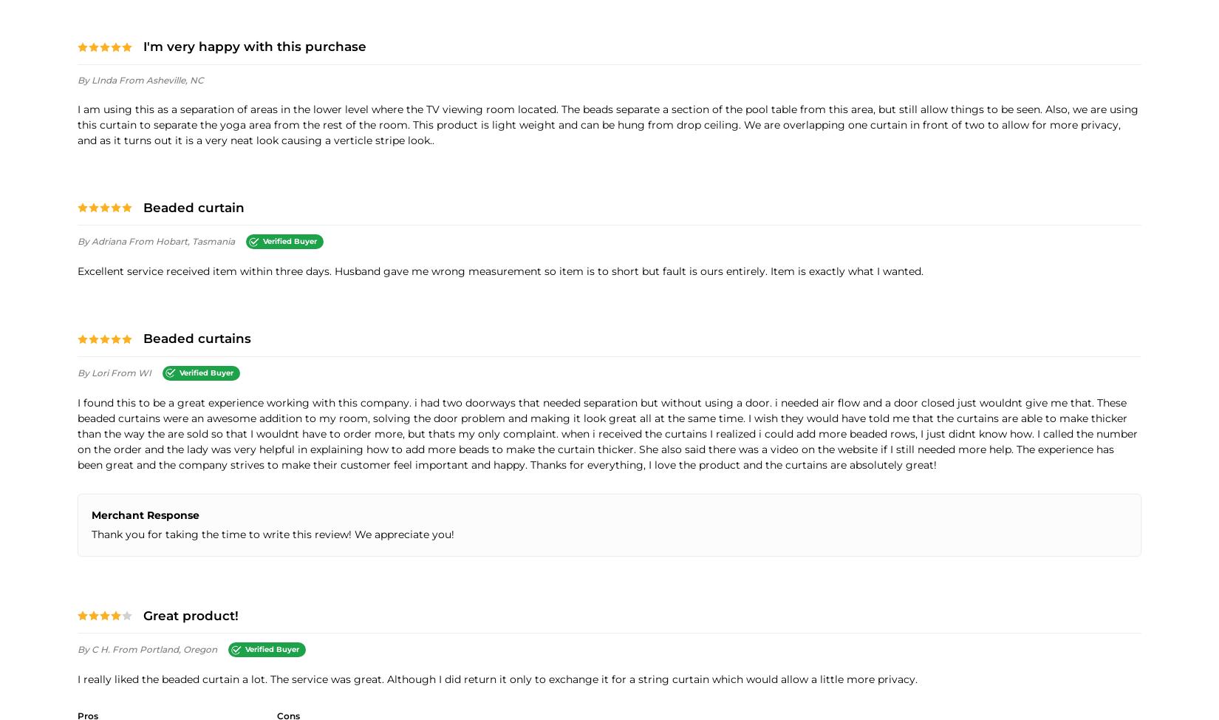  Describe the element at coordinates (131, 372) in the screenshot. I see `'from WI'` at that location.